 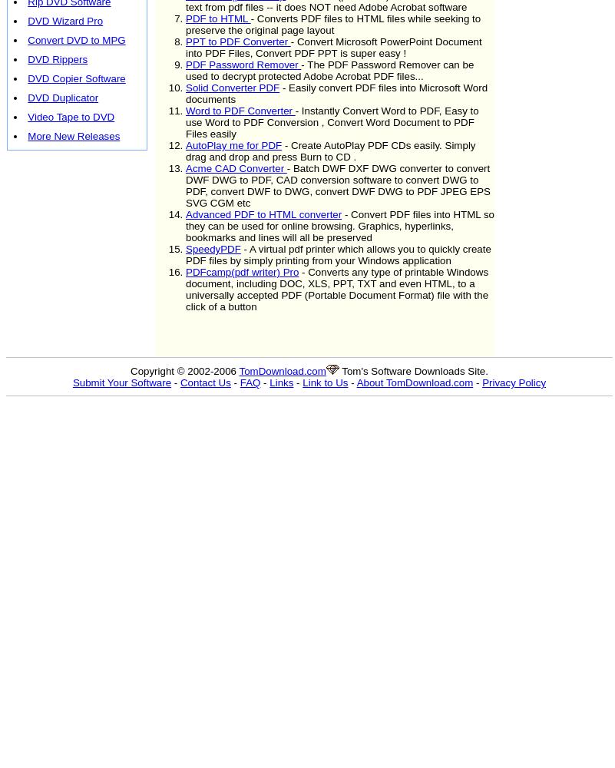 I want to click on 'Solid Converter PDF', so click(x=233, y=87).